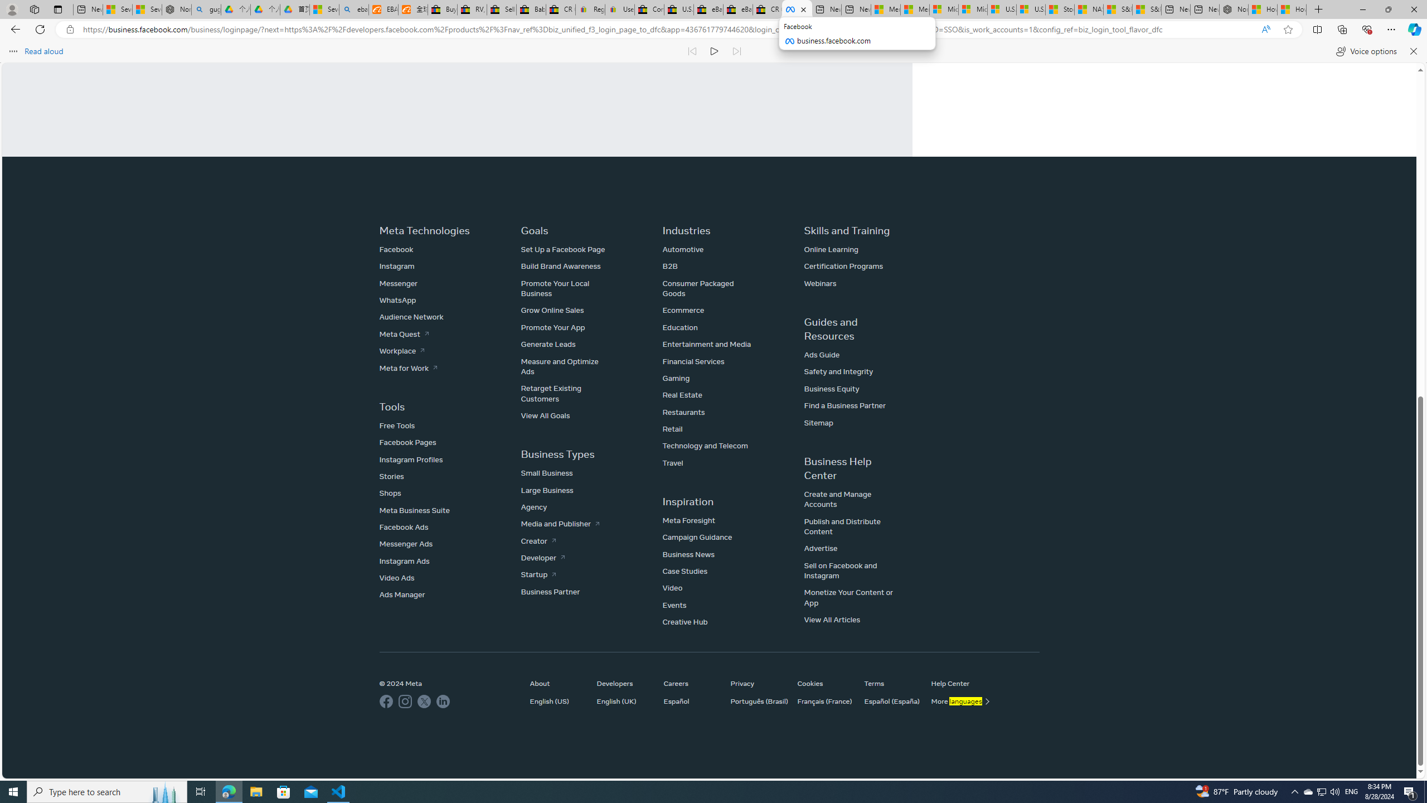  What do you see at coordinates (562, 249) in the screenshot?
I see `'Set Up a Facebook Page'` at bounding box center [562, 249].